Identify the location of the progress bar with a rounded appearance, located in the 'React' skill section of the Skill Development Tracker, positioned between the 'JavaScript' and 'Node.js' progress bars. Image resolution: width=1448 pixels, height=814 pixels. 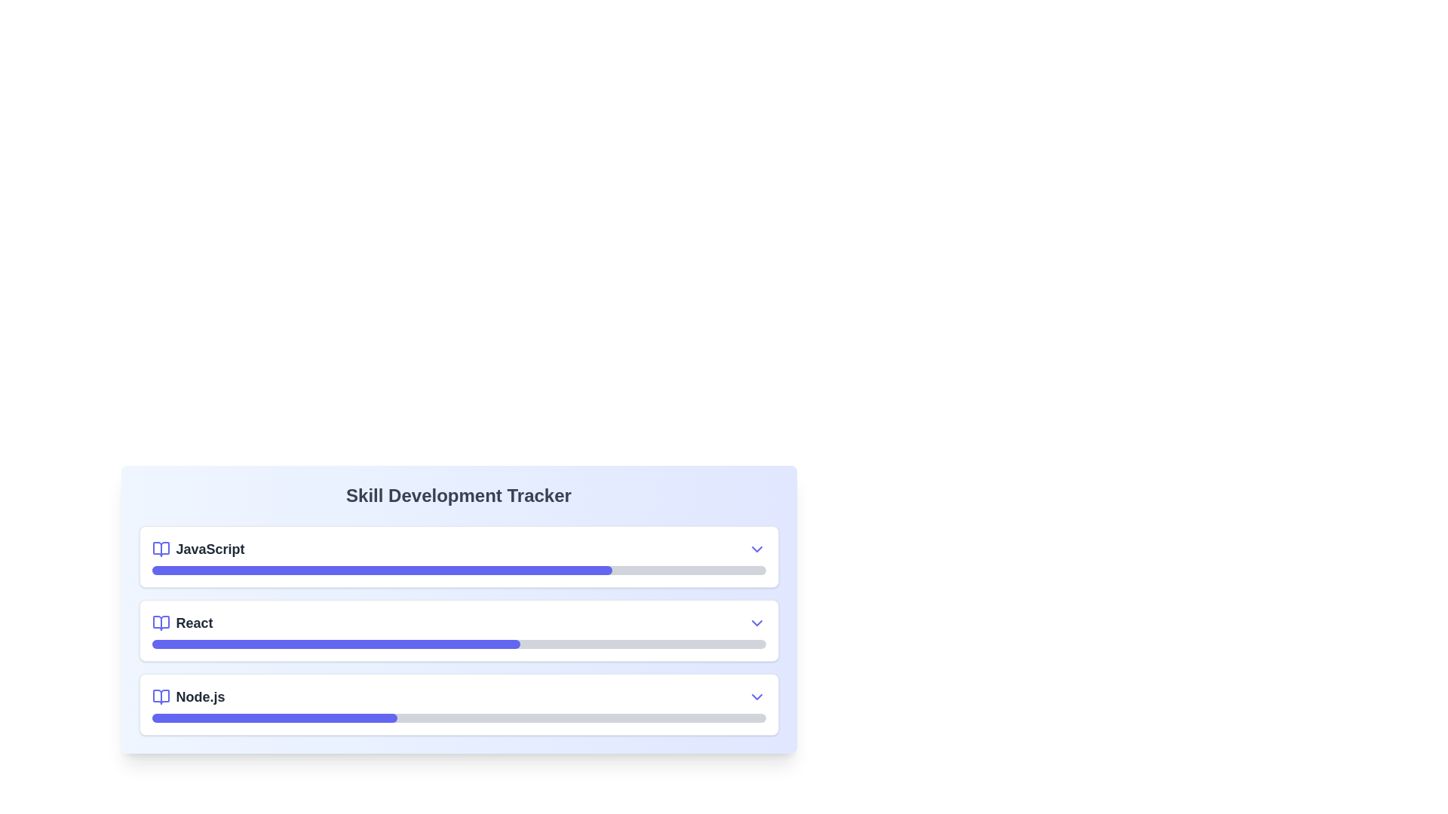
(458, 644).